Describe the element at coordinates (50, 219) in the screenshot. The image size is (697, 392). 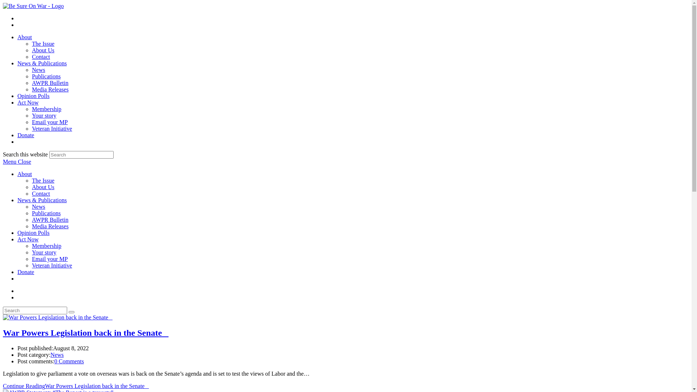
I see `'AWPR Bulletin'` at that location.